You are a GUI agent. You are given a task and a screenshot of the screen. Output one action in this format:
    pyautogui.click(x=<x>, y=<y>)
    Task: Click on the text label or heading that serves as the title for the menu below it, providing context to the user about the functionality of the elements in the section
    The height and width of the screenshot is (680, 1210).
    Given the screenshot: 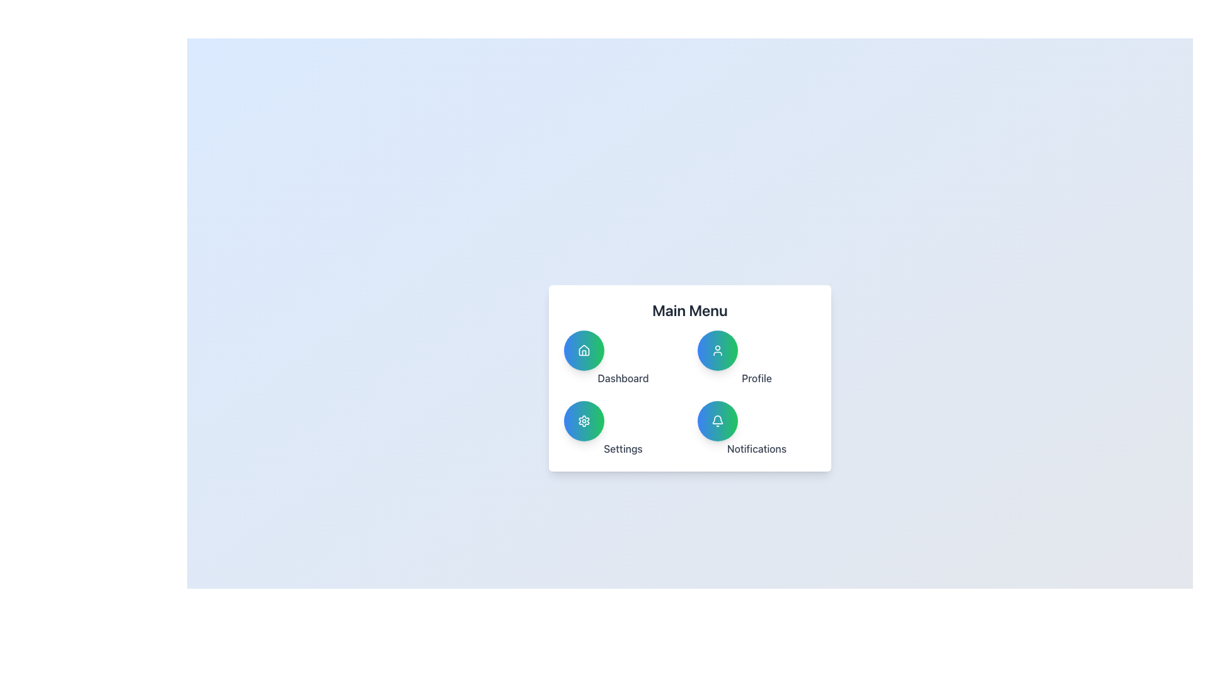 What is the action you would take?
    pyautogui.click(x=689, y=310)
    